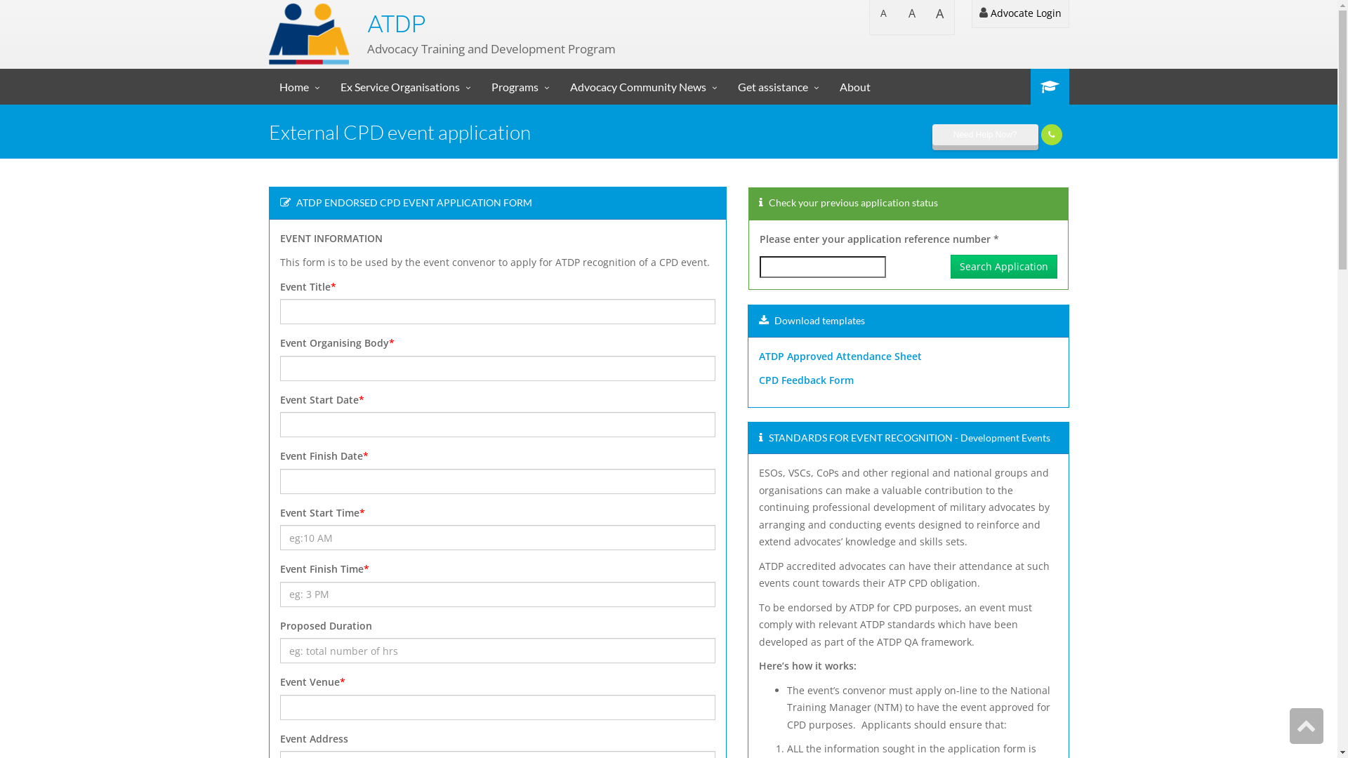 This screenshot has height=758, width=1348. I want to click on 'ATDP Approved Attendance Sheet', so click(758, 355).